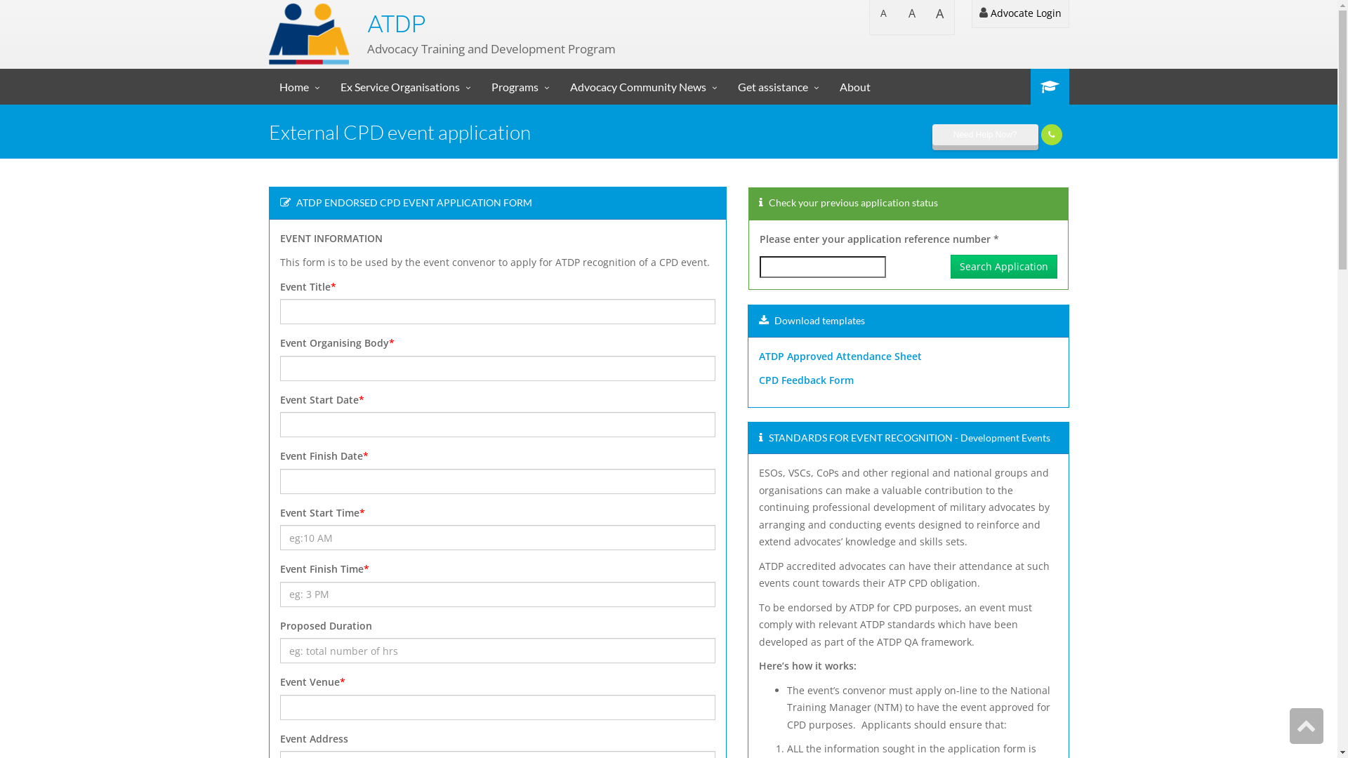 This screenshot has height=758, width=1348. I want to click on 'ATDP Approved Attendance Sheet', so click(758, 355).